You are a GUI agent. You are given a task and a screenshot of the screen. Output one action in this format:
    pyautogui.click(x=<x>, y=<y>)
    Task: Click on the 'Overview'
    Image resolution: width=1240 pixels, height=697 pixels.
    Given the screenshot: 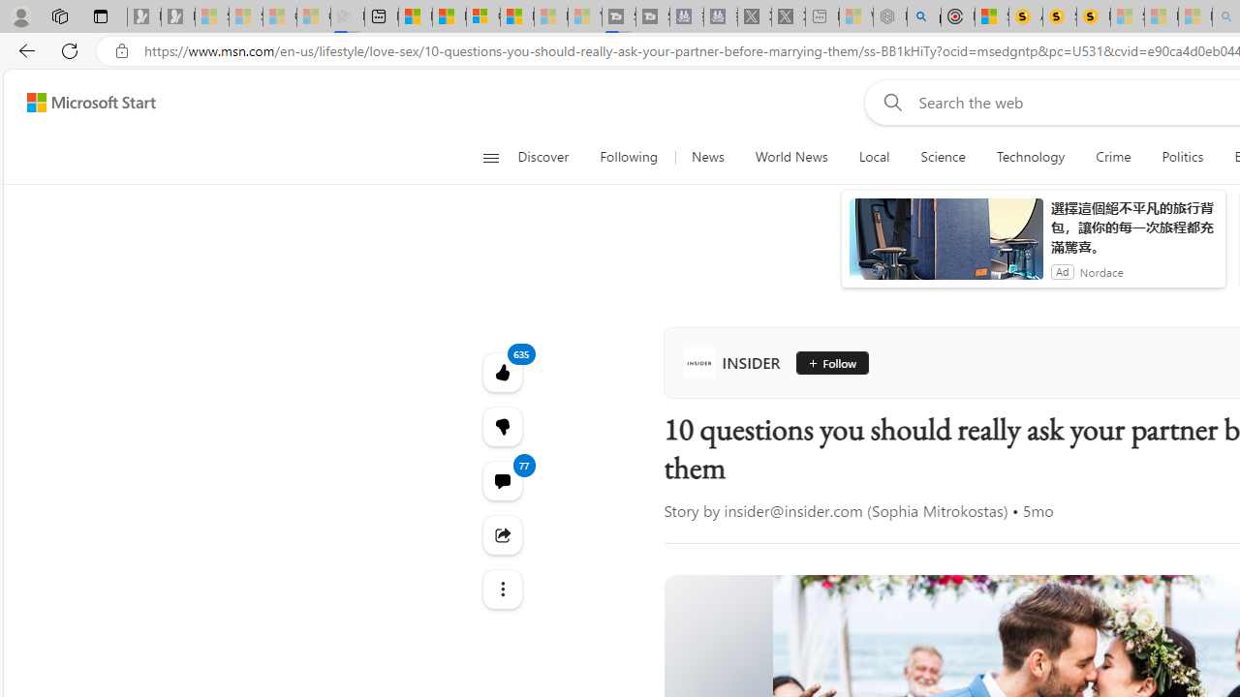 What is the action you would take?
    pyautogui.click(x=483, y=16)
    